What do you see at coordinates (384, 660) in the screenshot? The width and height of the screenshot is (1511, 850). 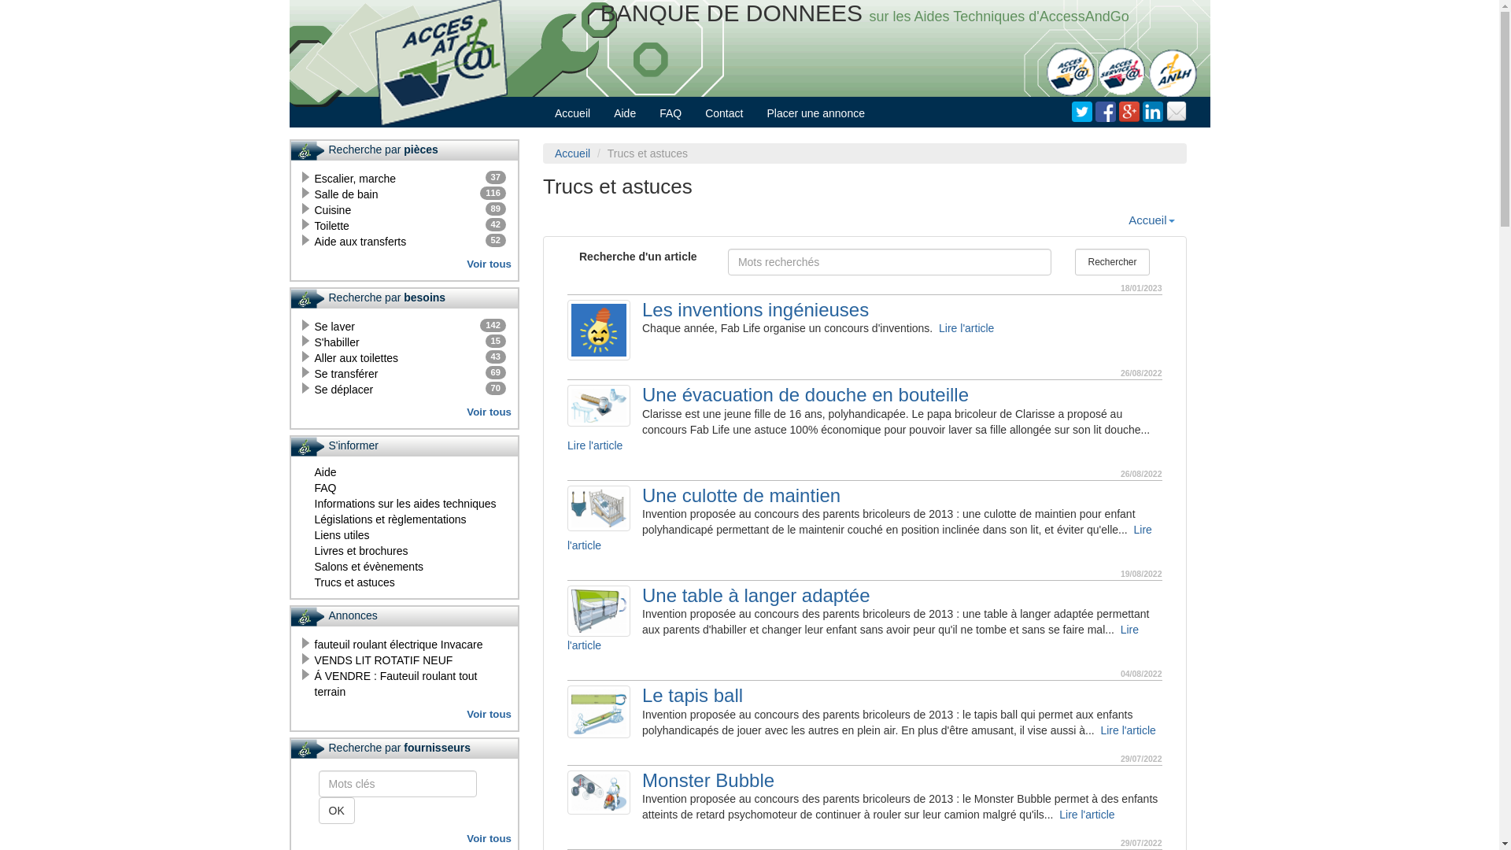 I see `'VENDS LIT ROTATIF NEUF'` at bounding box center [384, 660].